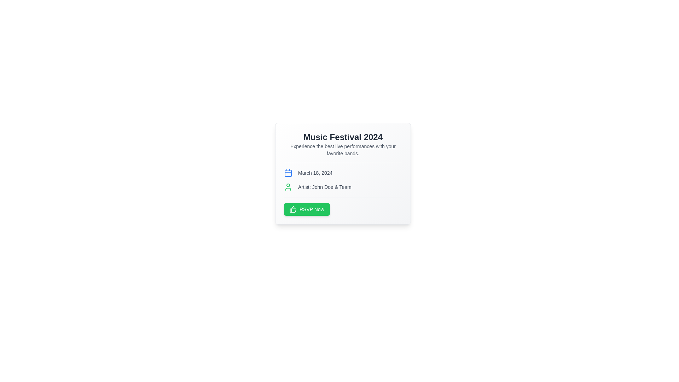 This screenshot has height=382, width=679. I want to click on prominently displayed text element titled 'Music Festival 2024', styled with a bold font and dark gray color, located at the top of its containing card, so click(343, 137).